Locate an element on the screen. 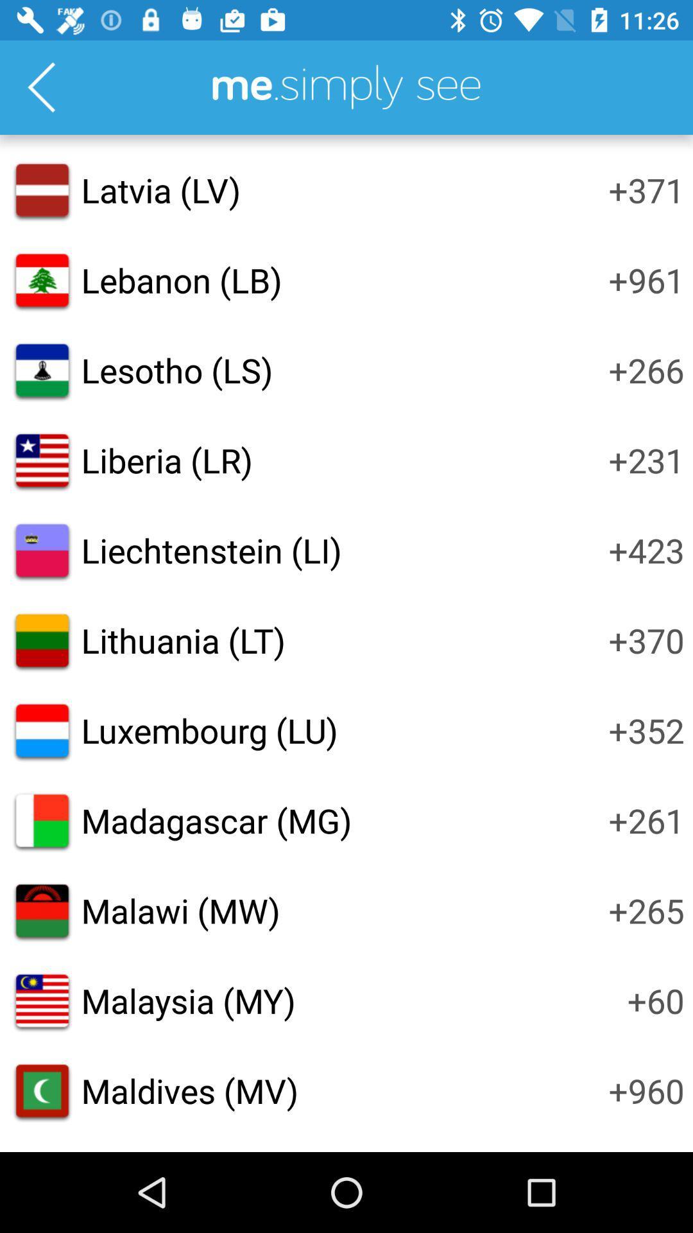 The image size is (693, 1233). the item to the right of the liberia (lr) icon is located at coordinates (646, 460).